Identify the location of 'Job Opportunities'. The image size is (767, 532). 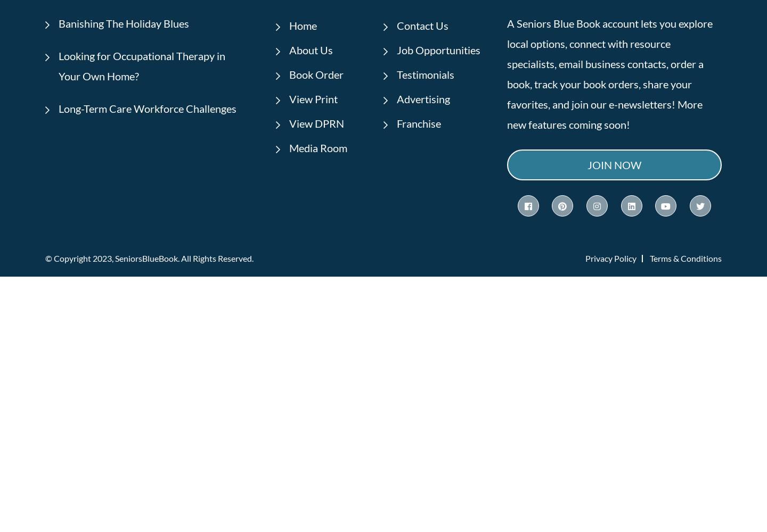
(396, 49).